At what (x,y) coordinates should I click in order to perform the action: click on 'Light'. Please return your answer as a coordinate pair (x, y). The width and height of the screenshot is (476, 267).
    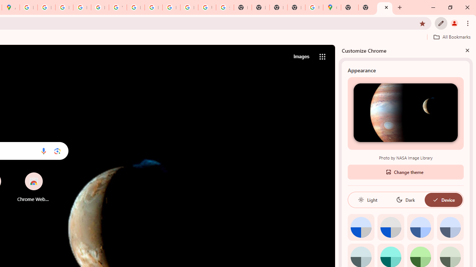
    Looking at the image, I should click on (367, 199).